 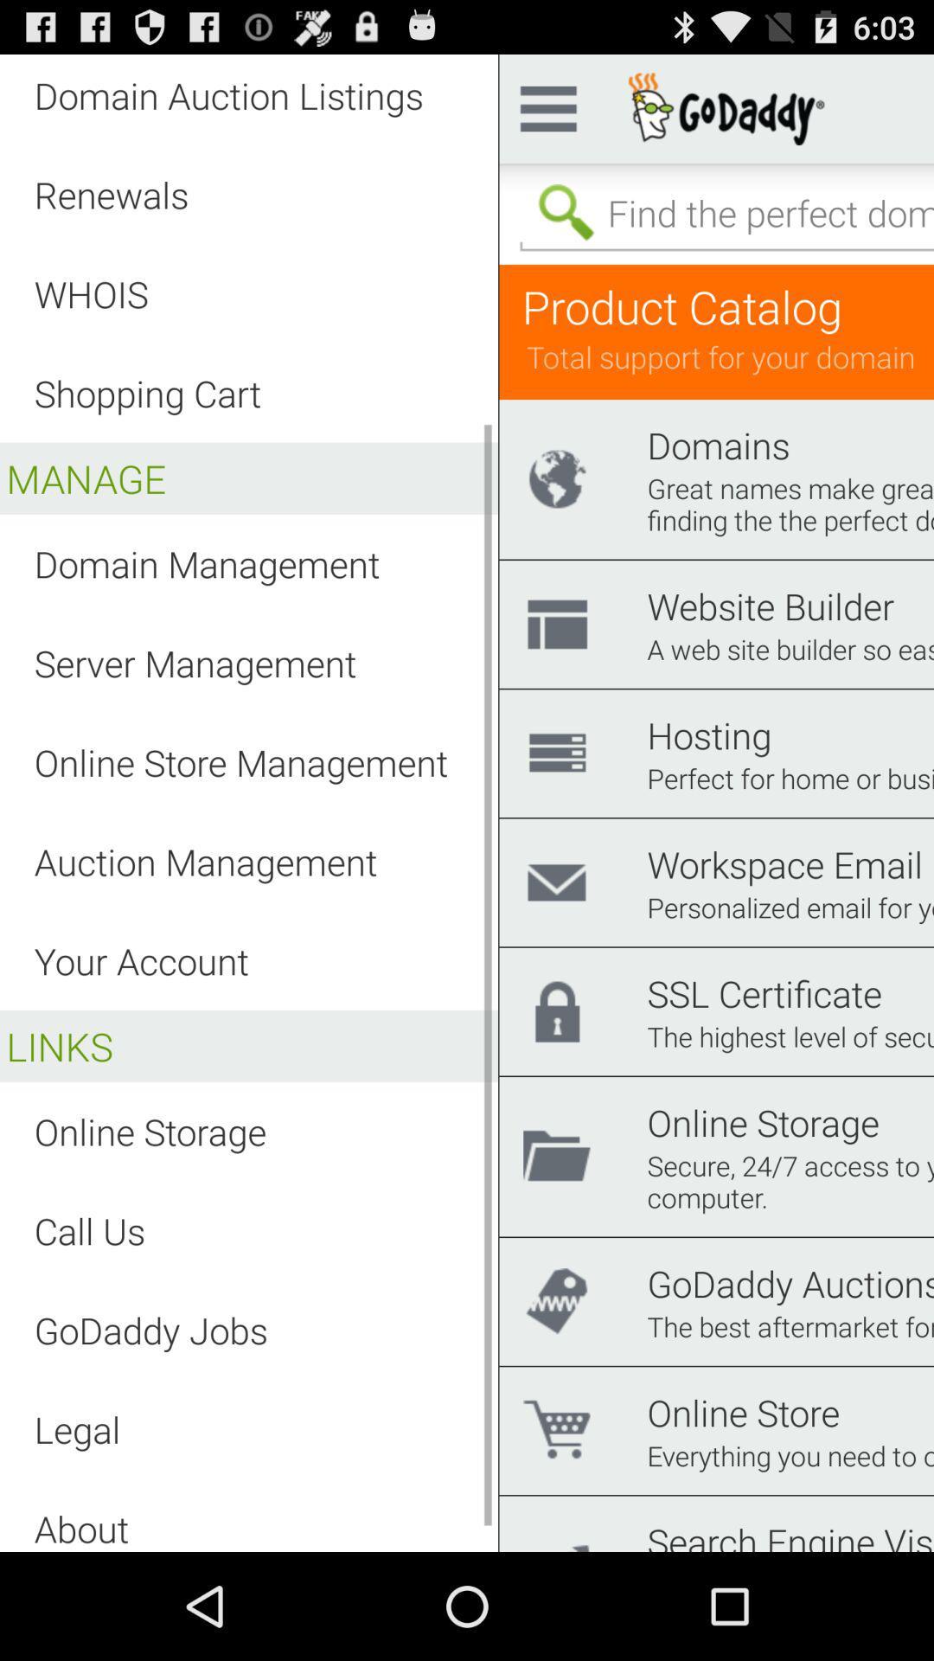 I want to click on the item below the online store management app, so click(x=205, y=862).